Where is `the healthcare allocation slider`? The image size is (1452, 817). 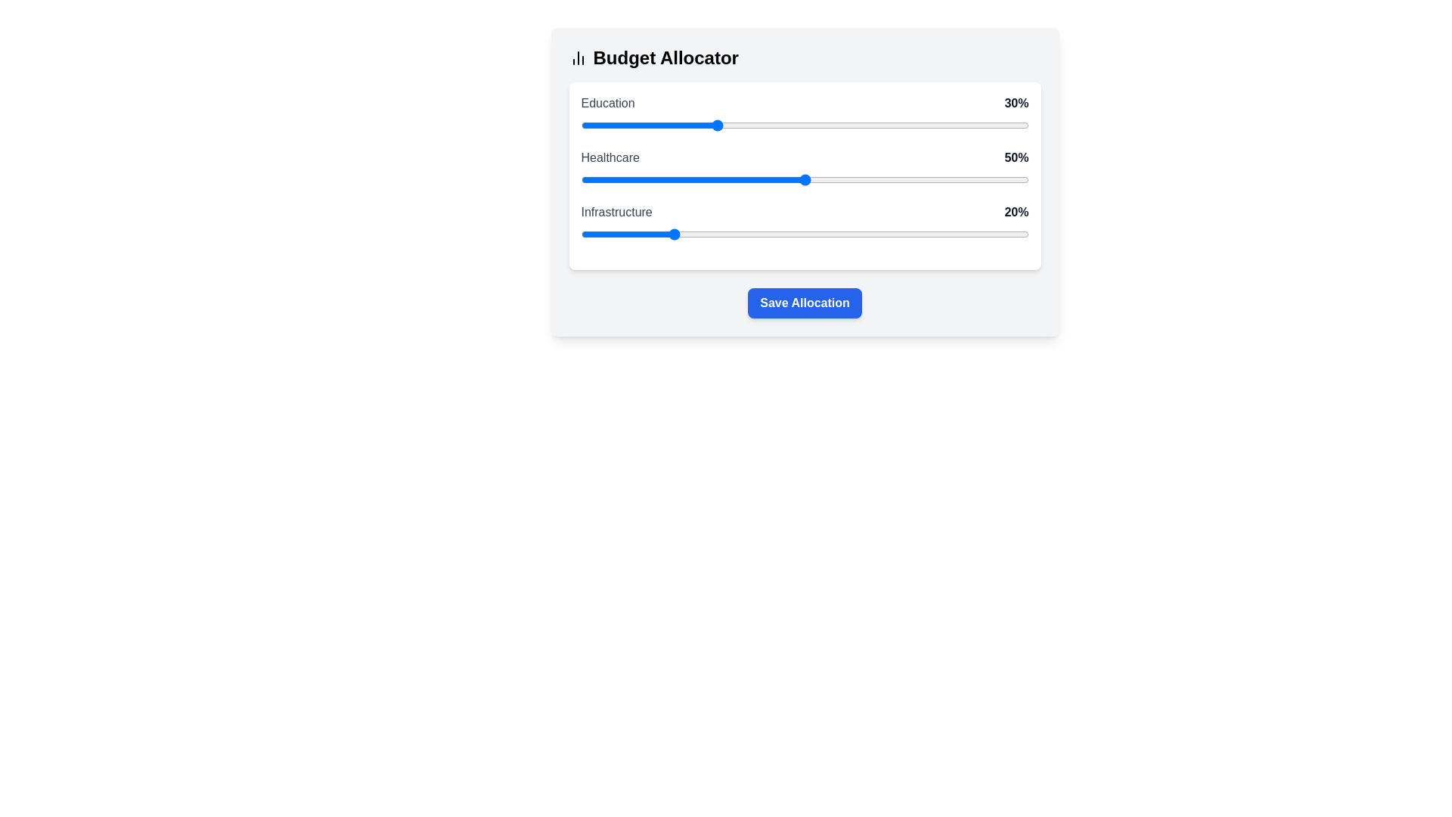
the healthcare allocation slider is located at coordinates (653, 179).